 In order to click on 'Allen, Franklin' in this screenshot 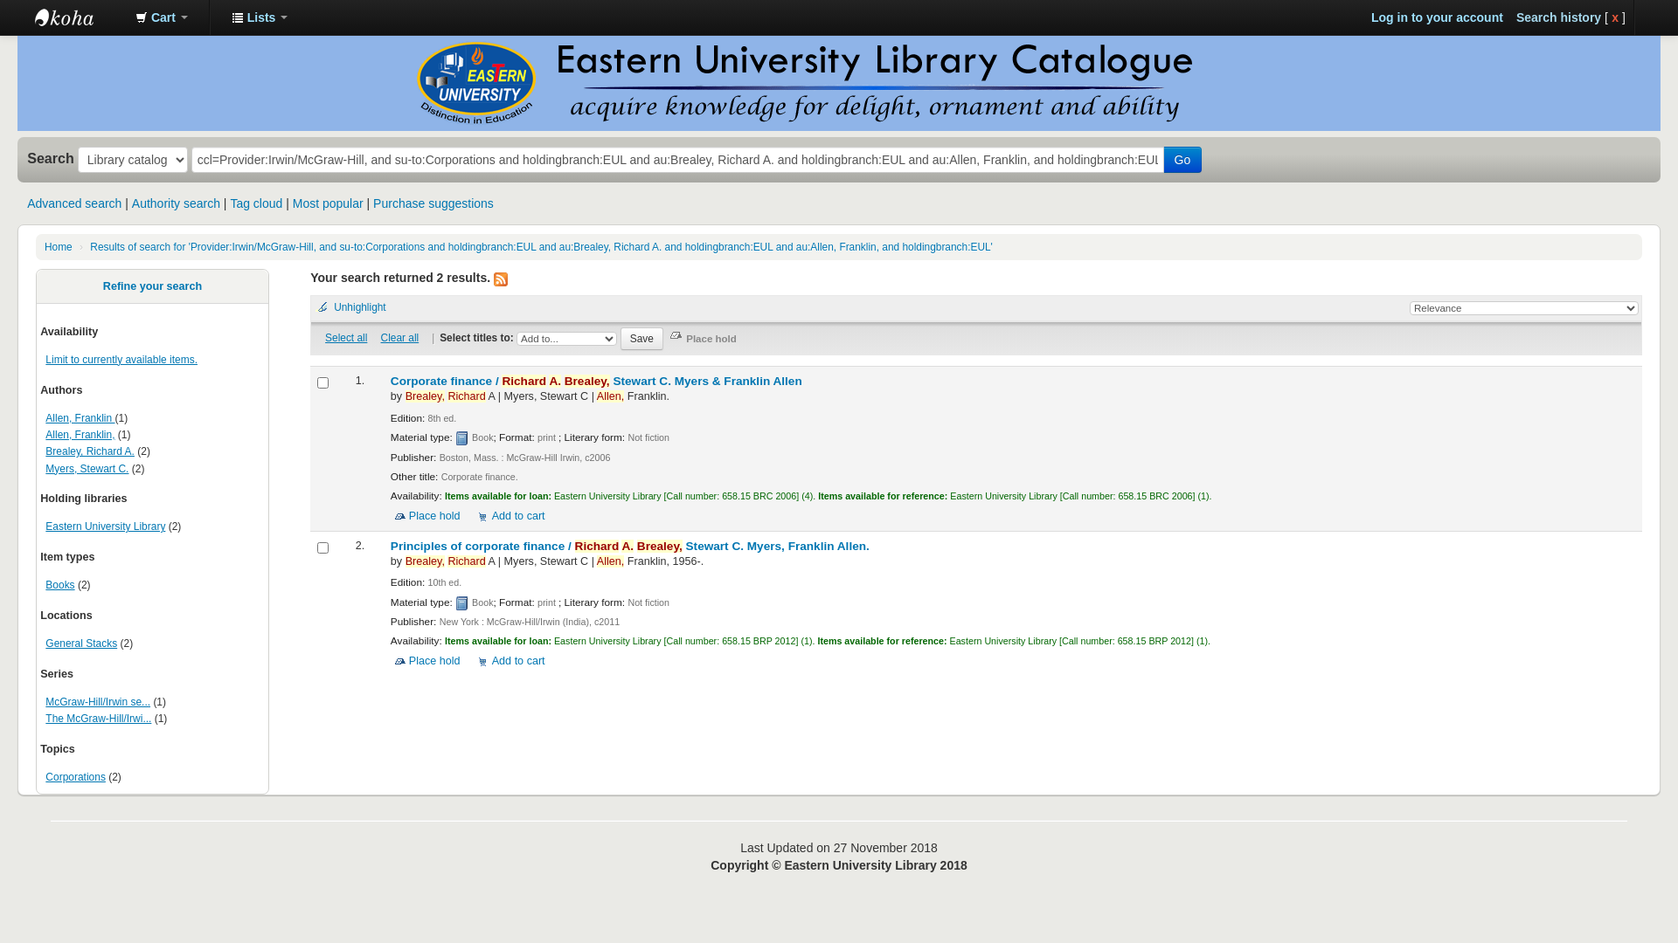, I will do `click(79, 417)`.